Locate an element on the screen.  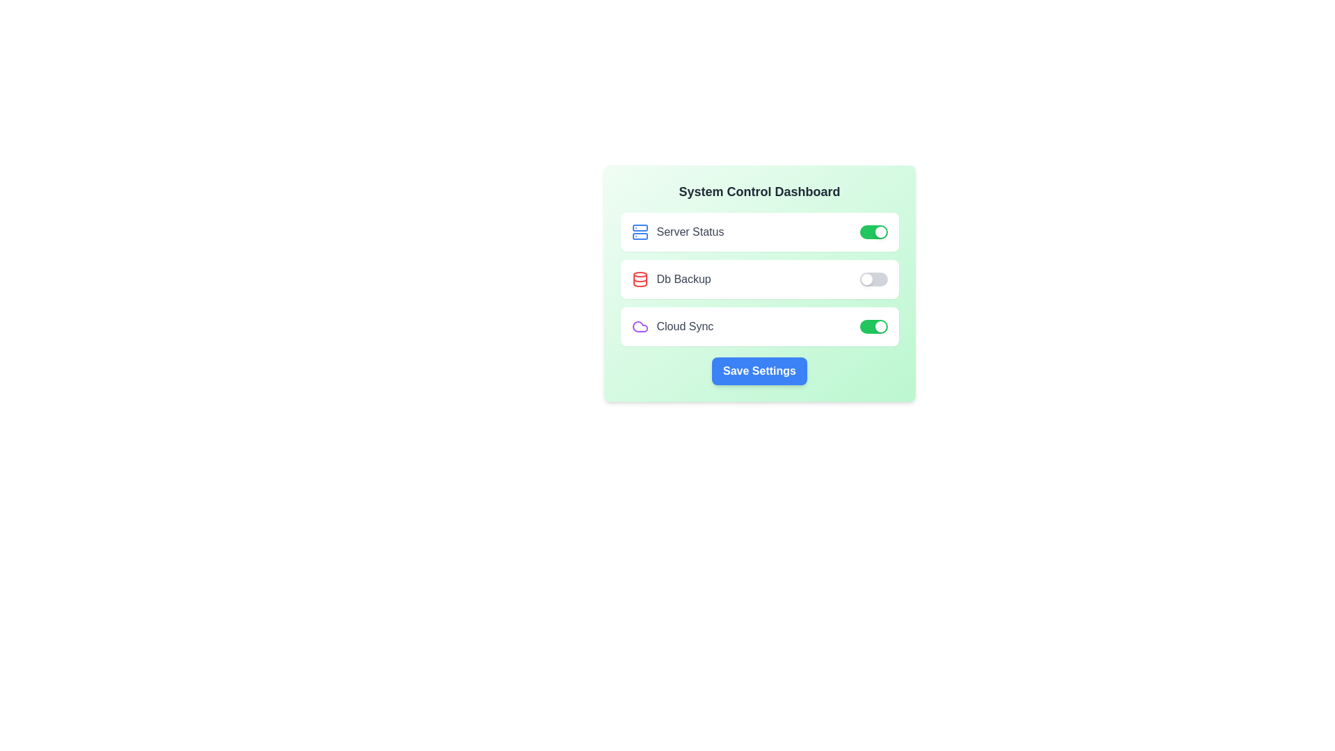
the toggle switch for 'Db Backup' to change its state is located at coordinates (873, 279).